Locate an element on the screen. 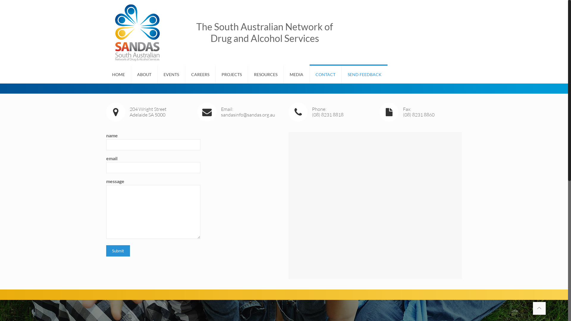 Image resolution: width=571 pixels, height=321 pixels. 'MEDIA' is located at coordinates (297, 74).